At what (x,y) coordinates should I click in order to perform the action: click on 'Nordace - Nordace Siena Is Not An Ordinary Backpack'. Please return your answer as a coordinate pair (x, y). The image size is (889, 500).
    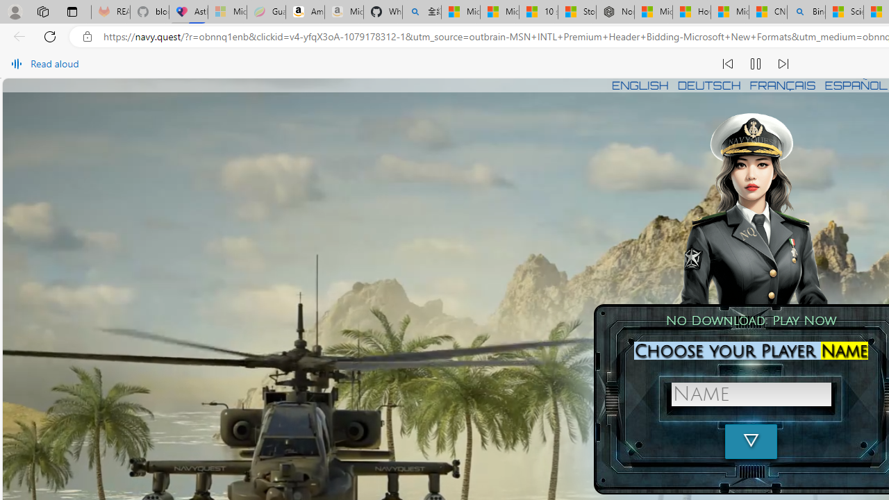
    Looking at the image, I should click on (614, 12).